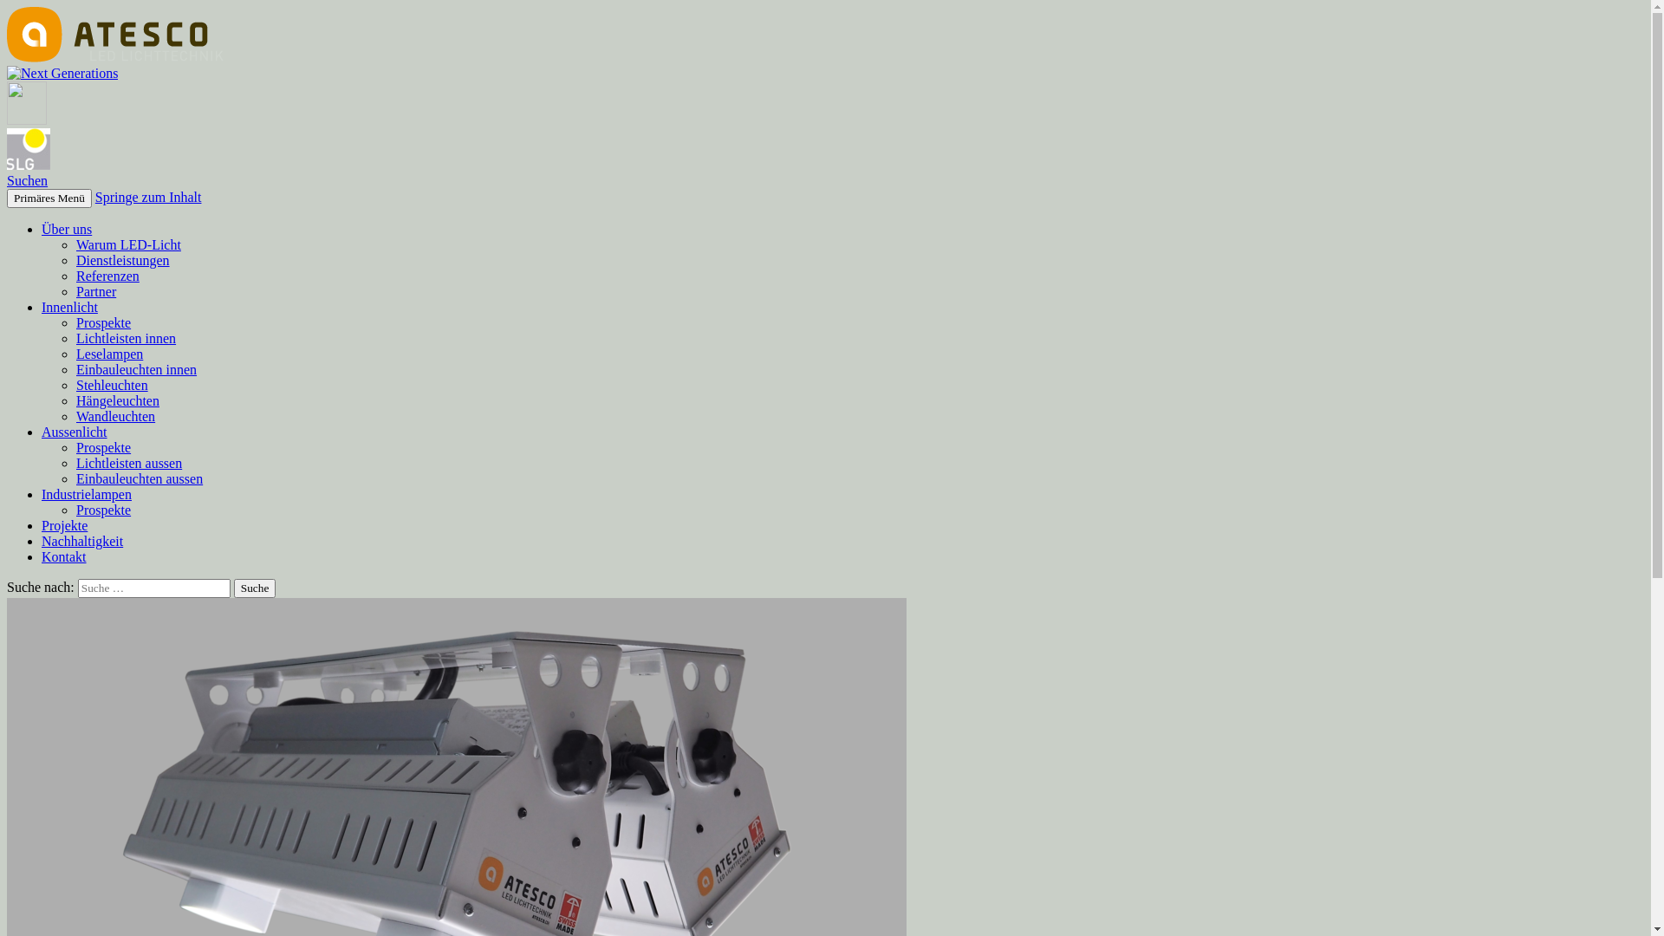 The image size is (1664, 936). What do you see at coordinates (102, 322) in the screenshot?
I see `'Prospekte'` at bounding box center [102, 322].